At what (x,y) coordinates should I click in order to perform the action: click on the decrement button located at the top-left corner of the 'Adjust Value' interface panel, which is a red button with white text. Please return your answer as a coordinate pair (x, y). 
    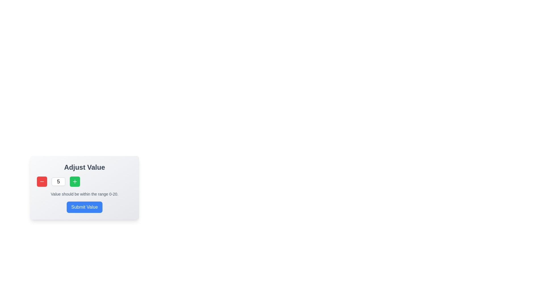
    Looking at the image, I should click on (42, 182).